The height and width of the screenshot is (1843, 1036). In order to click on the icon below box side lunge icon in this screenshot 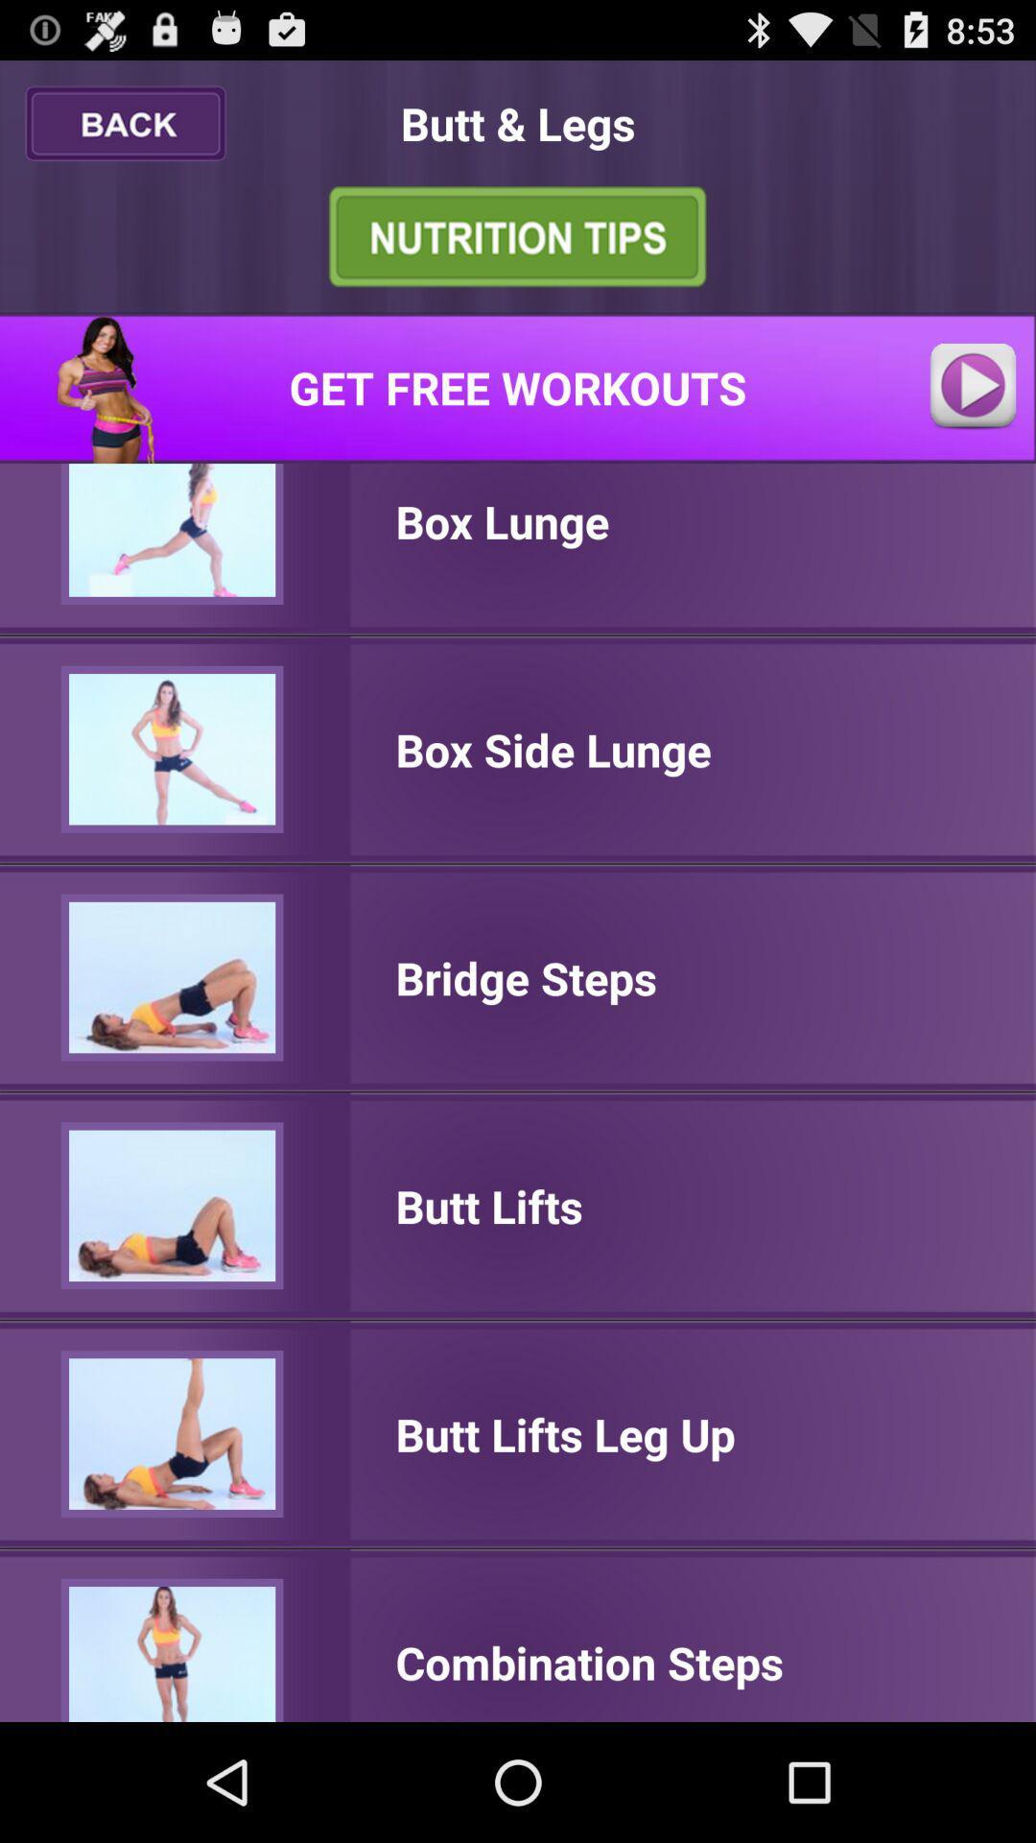, I will do `click(526, 977)`.